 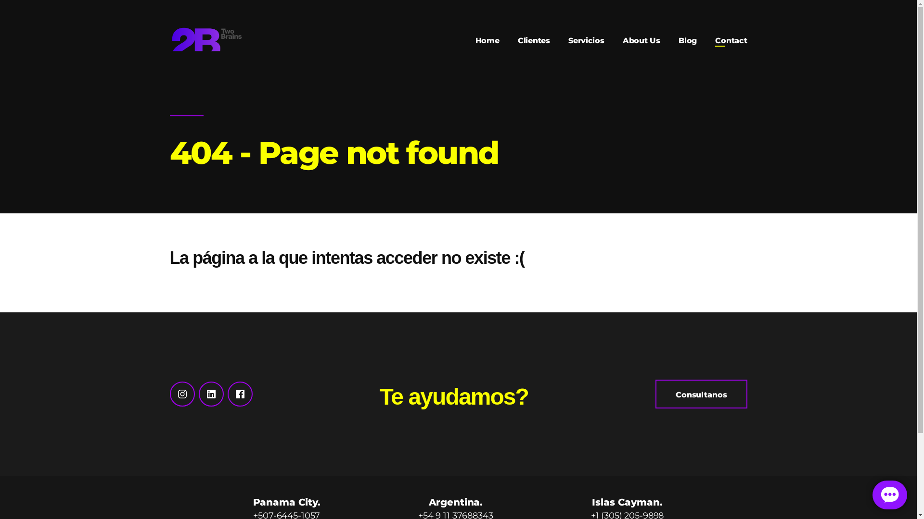 What do you see at coordinates (475, 40) in the screenshot?
I see `'Home'` at bounding box center [475, 40].